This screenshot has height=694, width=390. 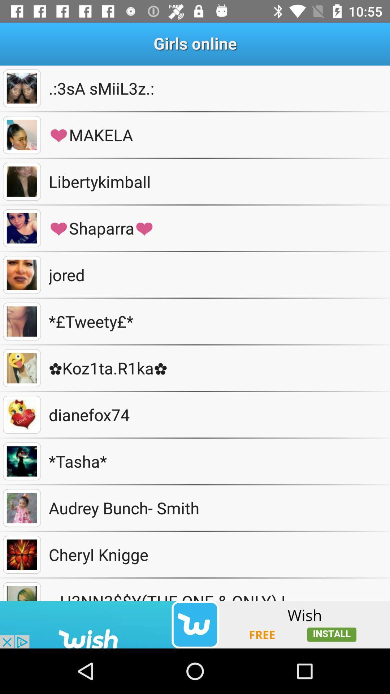 What do you see at coordinates (21, 228) in the screenshot?
I see `whats select` at bounding box center [21, 228].